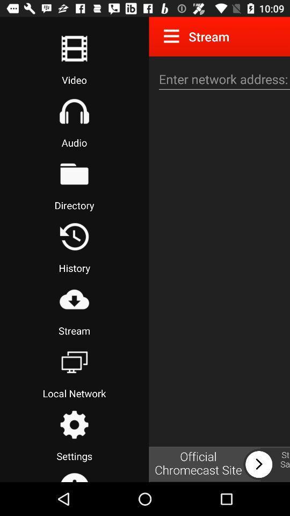  What do you see at coordinates (74, 362) in the screenshot?
I see `open local network` at bounding box center [74, 362].